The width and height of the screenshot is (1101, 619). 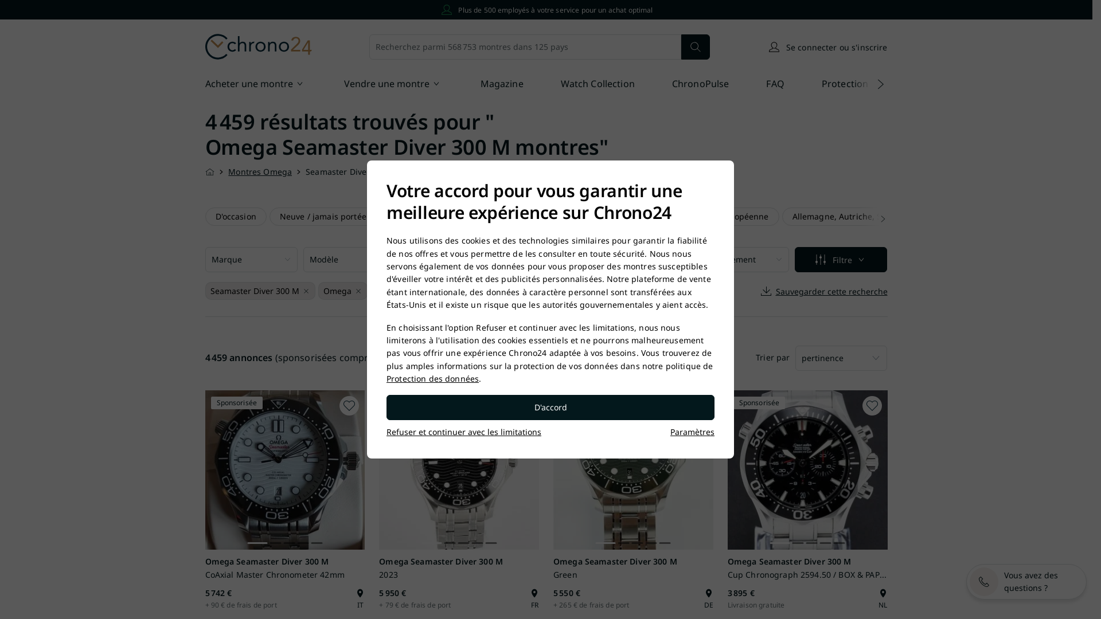 I want to click on 'D'accord', so click(x=550, y=406).